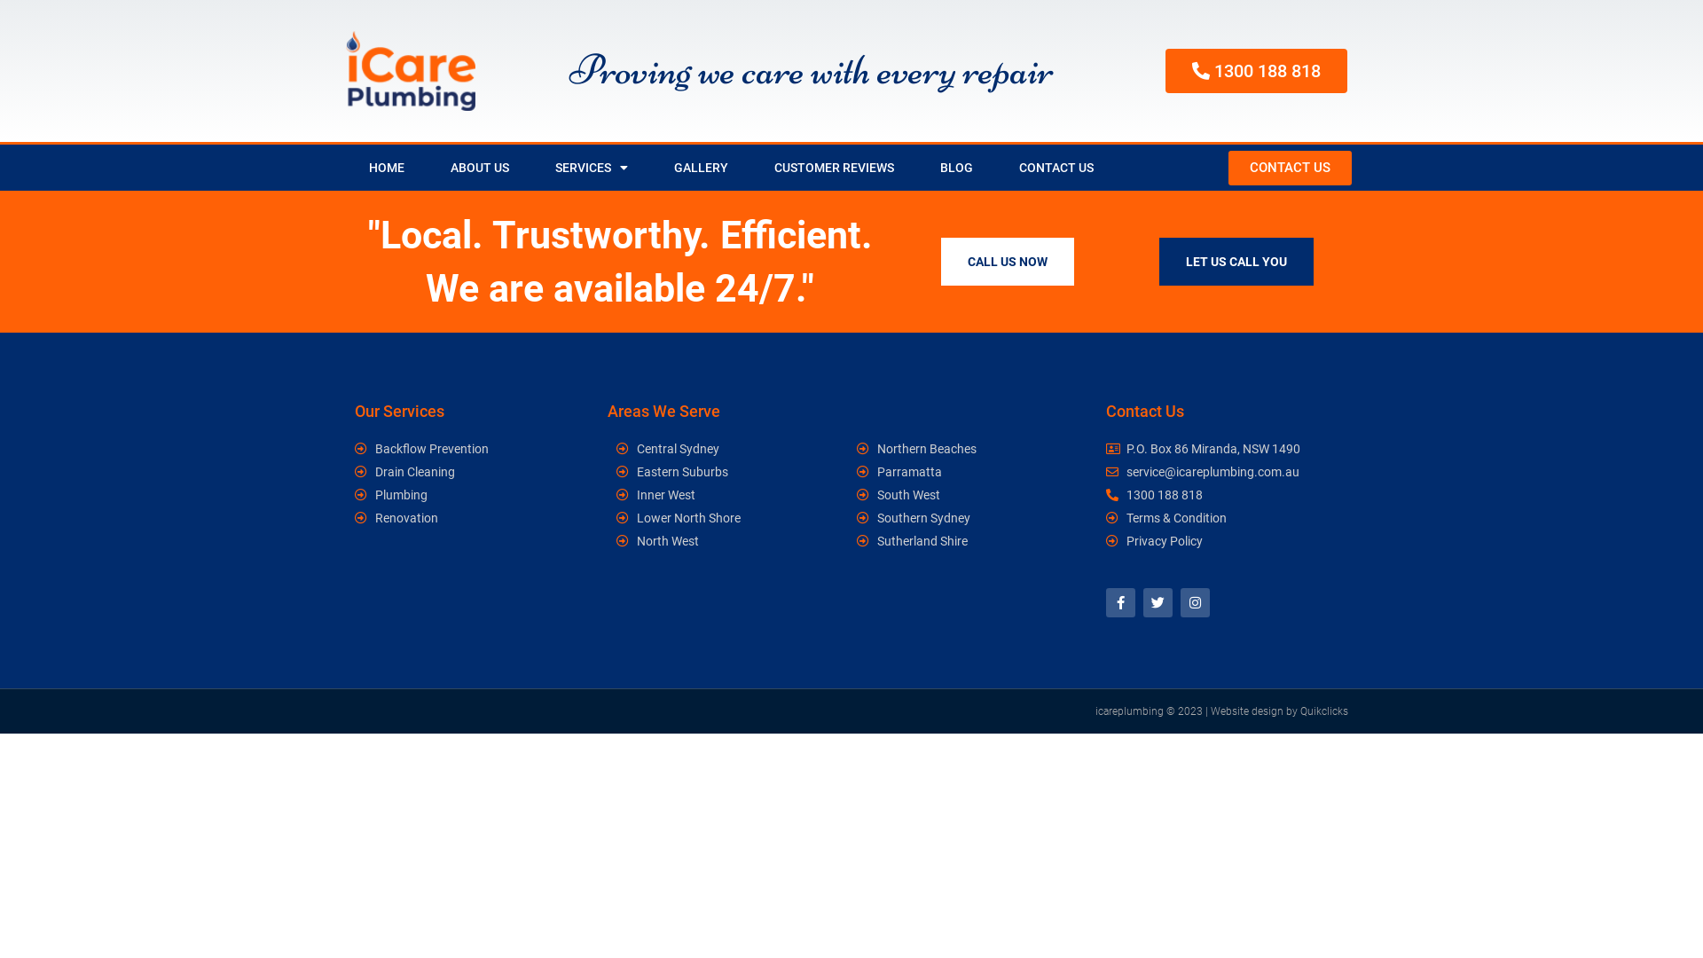 Image resolution: width=1703 pixels, height=958 pixels. I want to click on 'CUSTOMER REVIEWS', so click(833, 168).